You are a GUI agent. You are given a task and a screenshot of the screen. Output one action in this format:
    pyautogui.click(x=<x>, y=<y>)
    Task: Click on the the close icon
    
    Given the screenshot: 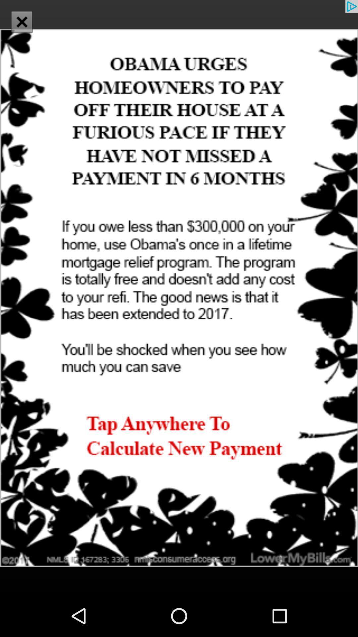 What is the action you would take?
    pyautogui.click(x=21, y=23)
    